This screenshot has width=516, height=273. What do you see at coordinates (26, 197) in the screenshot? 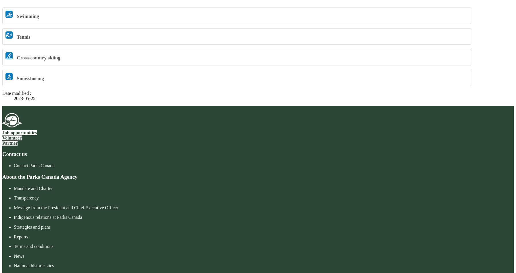
I see `'Transparency'` at bounding box center [26, 197].